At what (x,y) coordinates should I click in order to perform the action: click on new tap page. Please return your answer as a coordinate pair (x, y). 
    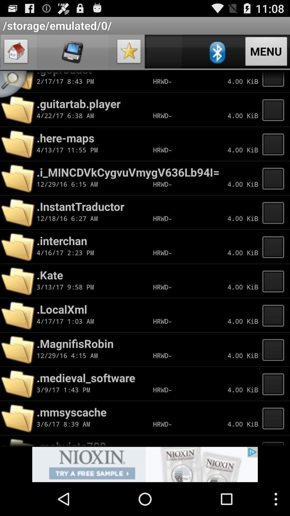
    Looking at the image, I should click on (275, 384).